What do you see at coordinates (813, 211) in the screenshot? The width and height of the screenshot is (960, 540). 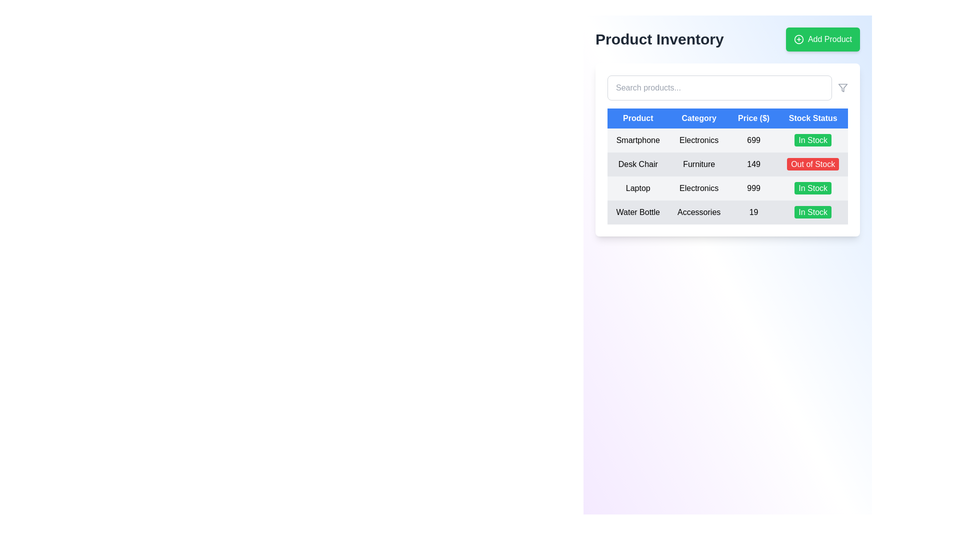 I see `the green rectangular badge with rounded corners that displays 'In Stock', located in the last row of the table under the 'Stock Status' column for the product 'Water Bottle'` at bounding box center [813, 211].